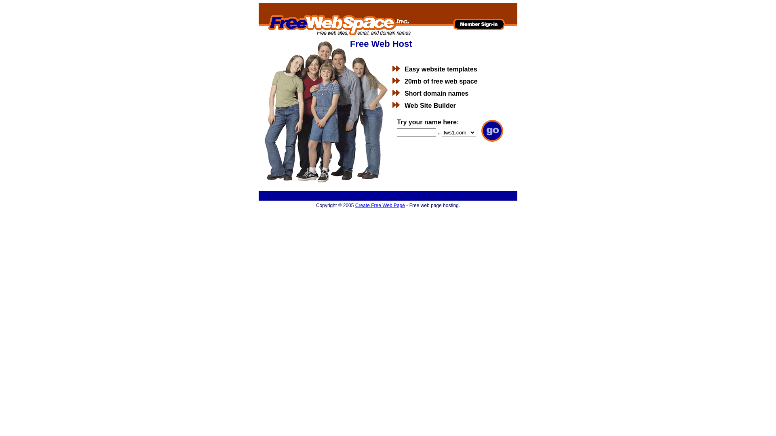 The image size is (776, 436). Describe the element at coordinates (355, 205) in the screenshot. I see `'Create Free Web Page'` at that location.